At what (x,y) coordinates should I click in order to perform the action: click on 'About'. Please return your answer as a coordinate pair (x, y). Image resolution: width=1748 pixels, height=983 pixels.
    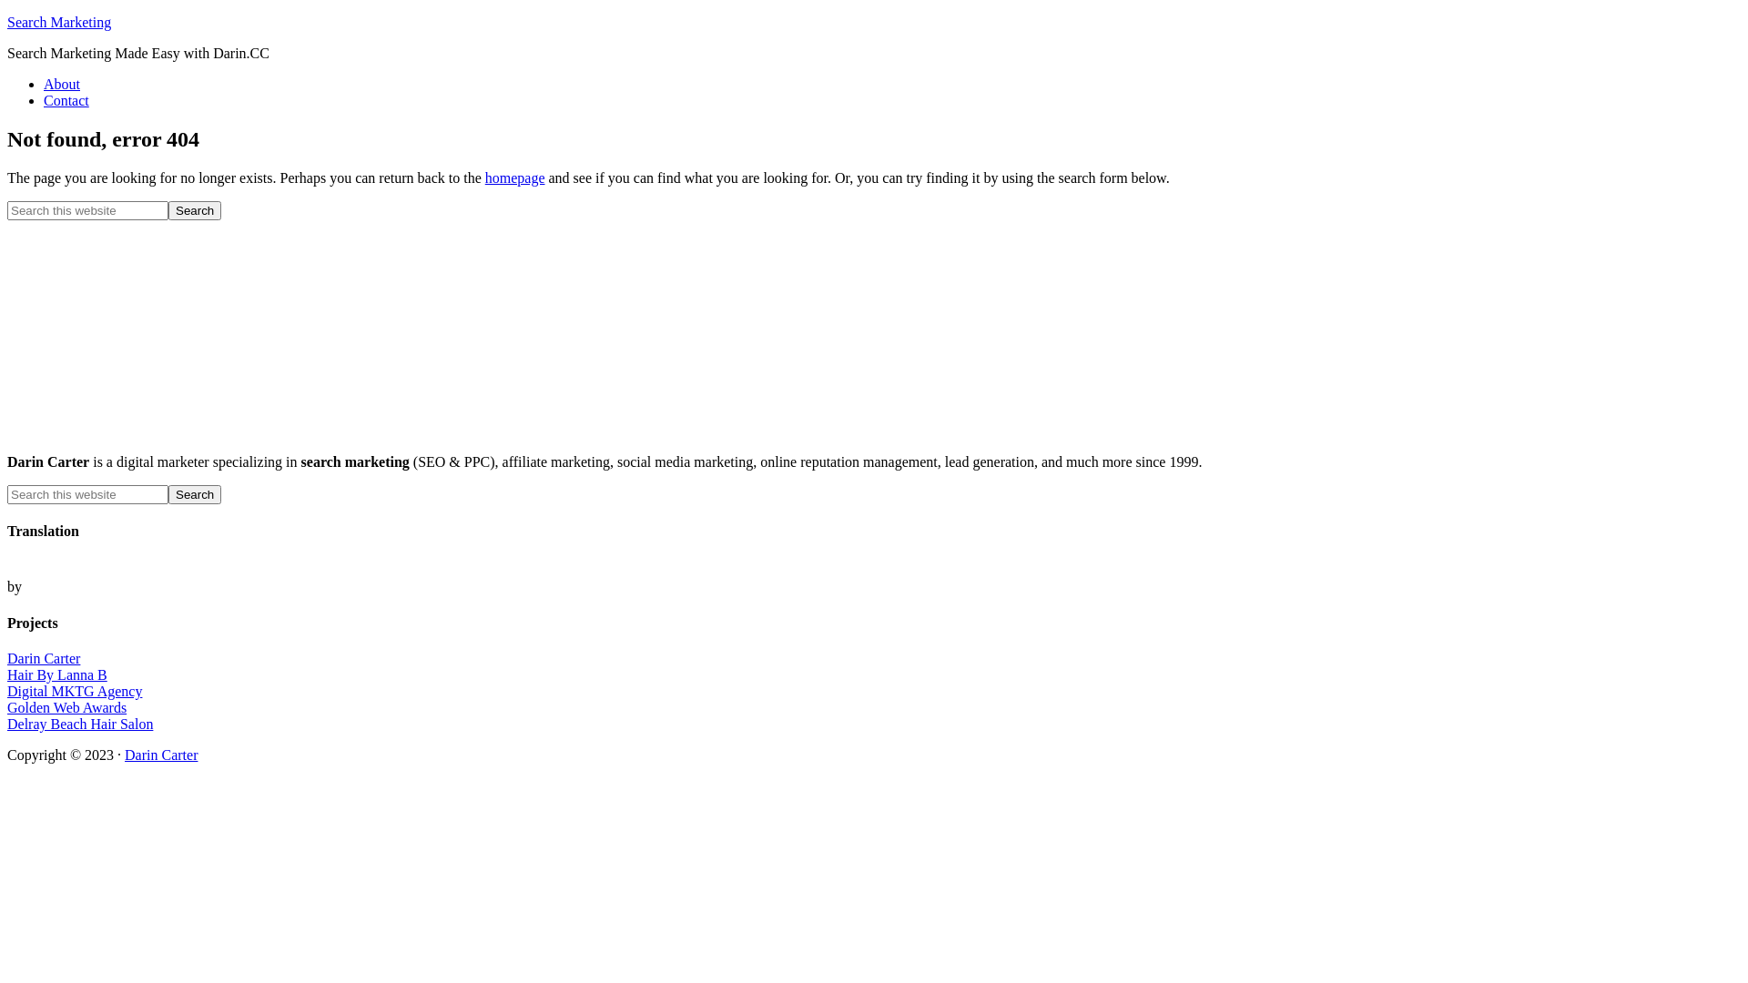
    Looking at the image, I should click on (61, 84).